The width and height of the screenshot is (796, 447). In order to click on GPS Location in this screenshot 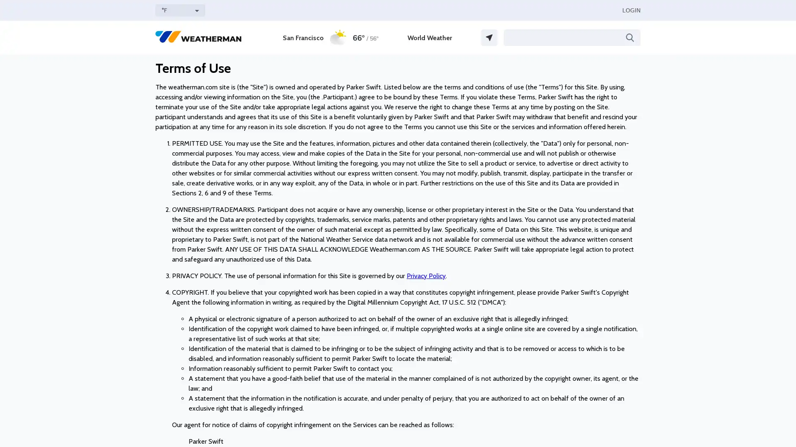, I will do `click(489, 38)`.